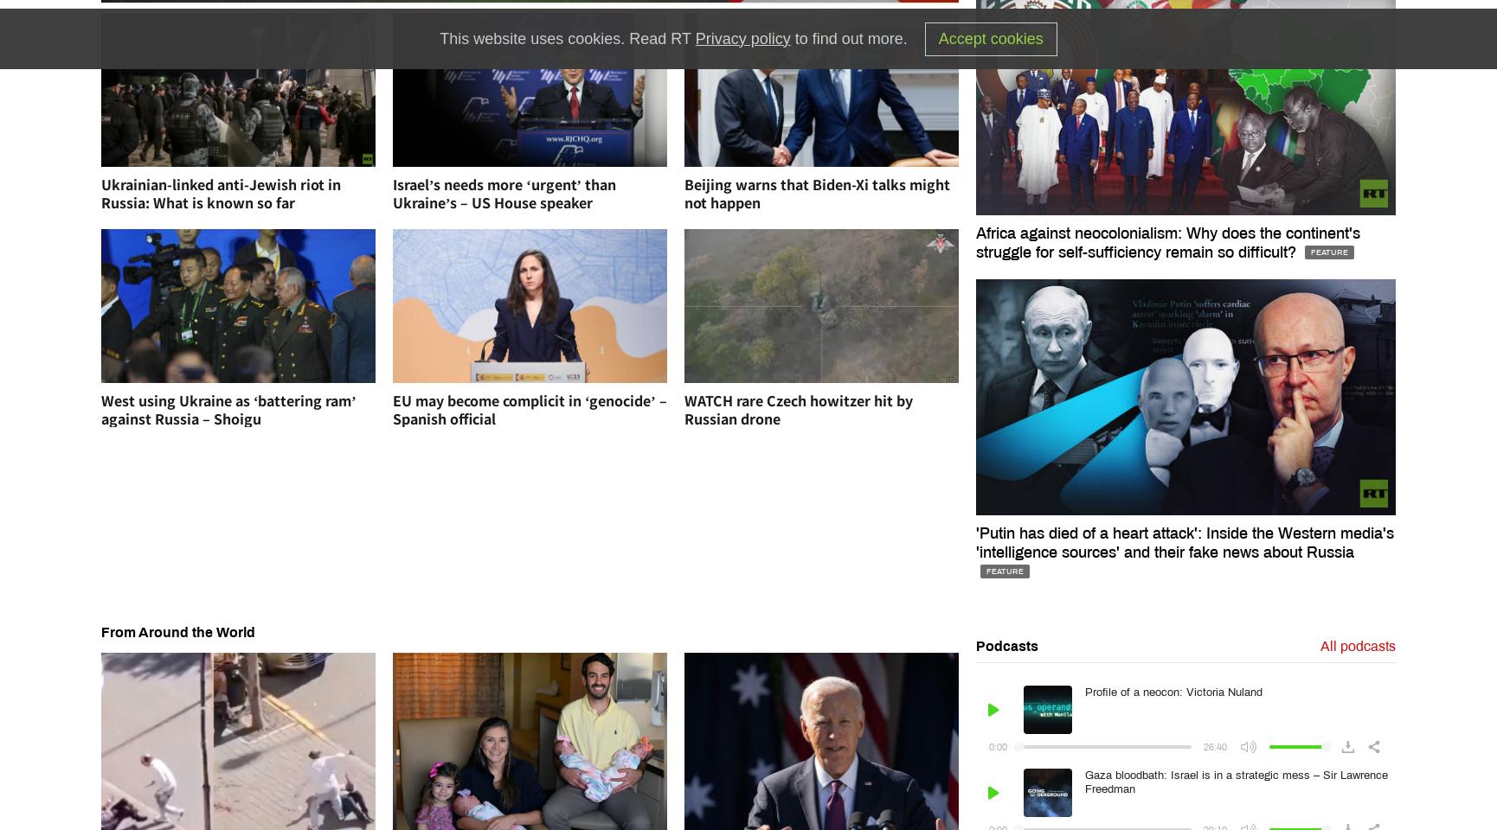 The height and width of the screenshot is (830, 1497). I want to click on 'From Around the World', so click(100, 631).